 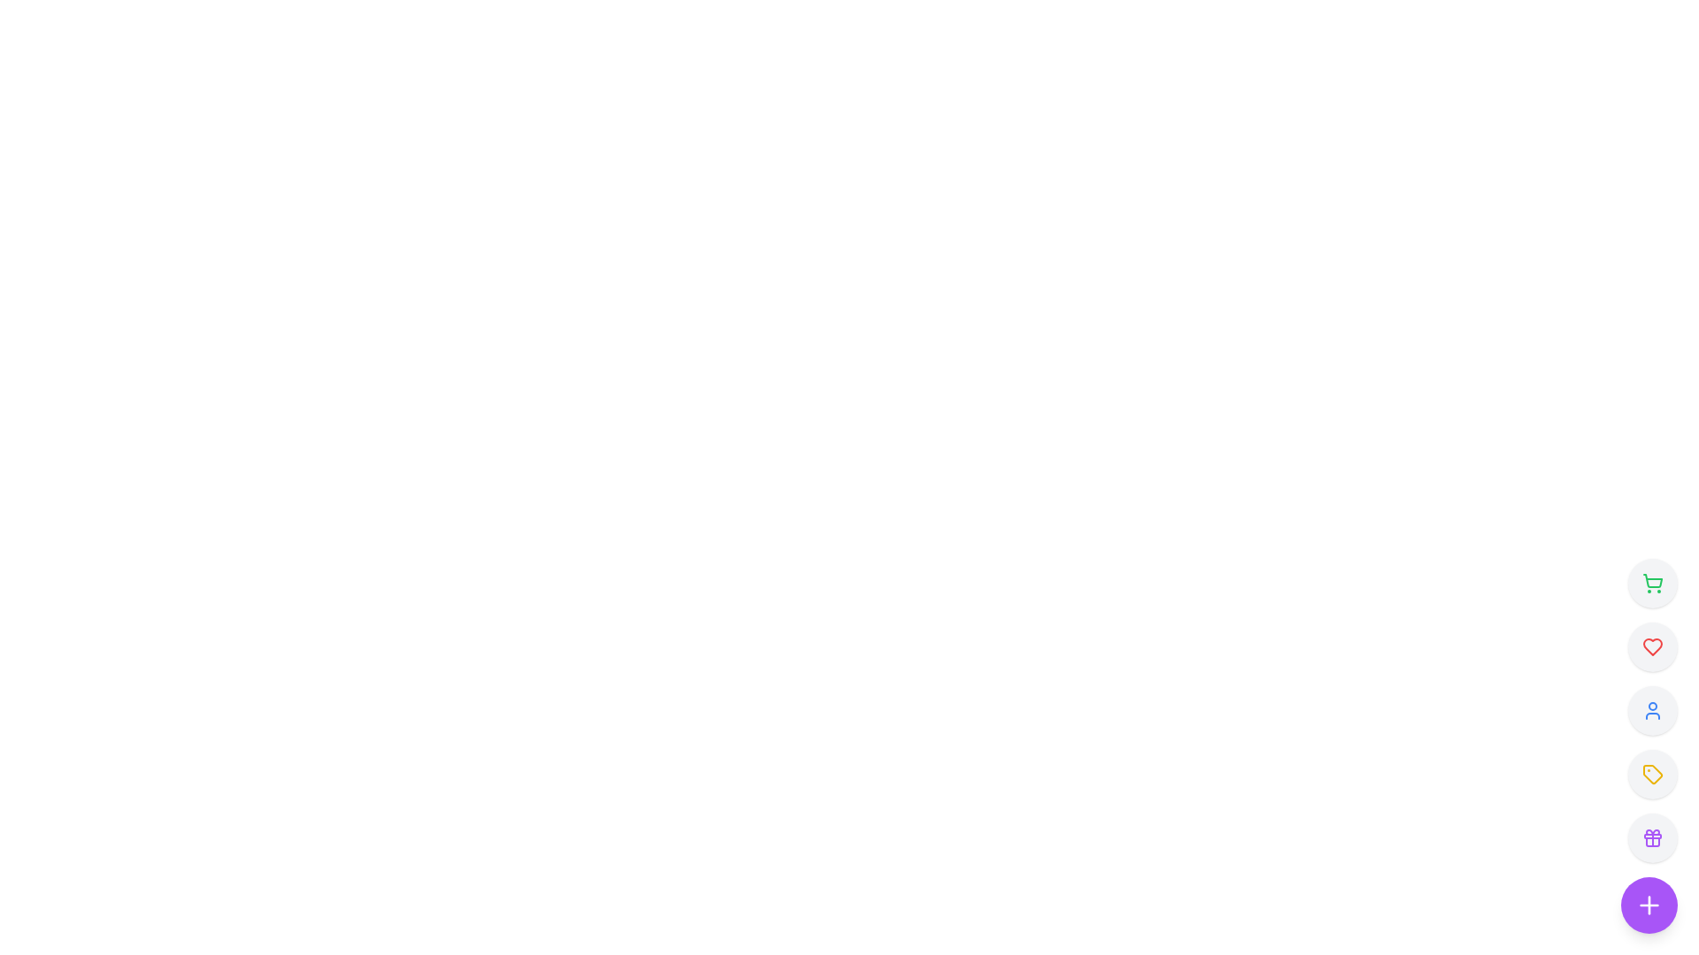 What do you see at coordinates (1651, 773) in the screenshot?
I see `the circular gray button with a yellow tag icon located in the vertical series of buttons at the bottom right of the interface` at bounding box center [1651, 773].